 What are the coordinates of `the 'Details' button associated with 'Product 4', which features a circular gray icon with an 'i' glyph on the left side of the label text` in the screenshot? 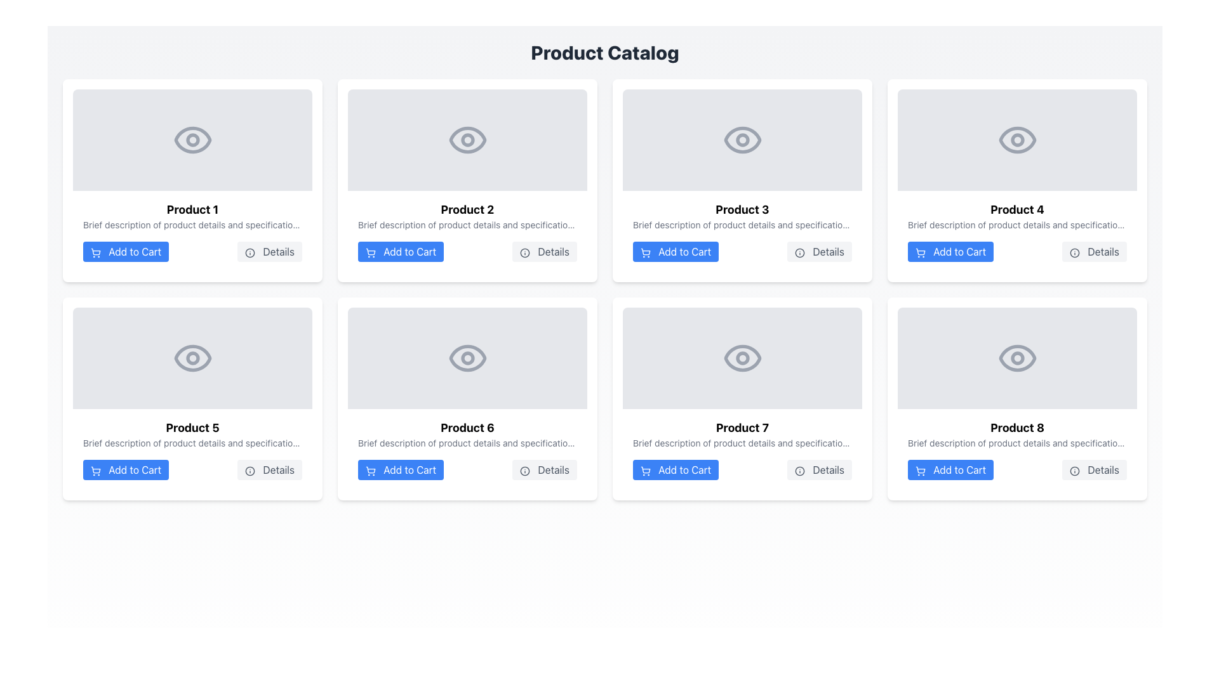 It's located at (1074, 252).